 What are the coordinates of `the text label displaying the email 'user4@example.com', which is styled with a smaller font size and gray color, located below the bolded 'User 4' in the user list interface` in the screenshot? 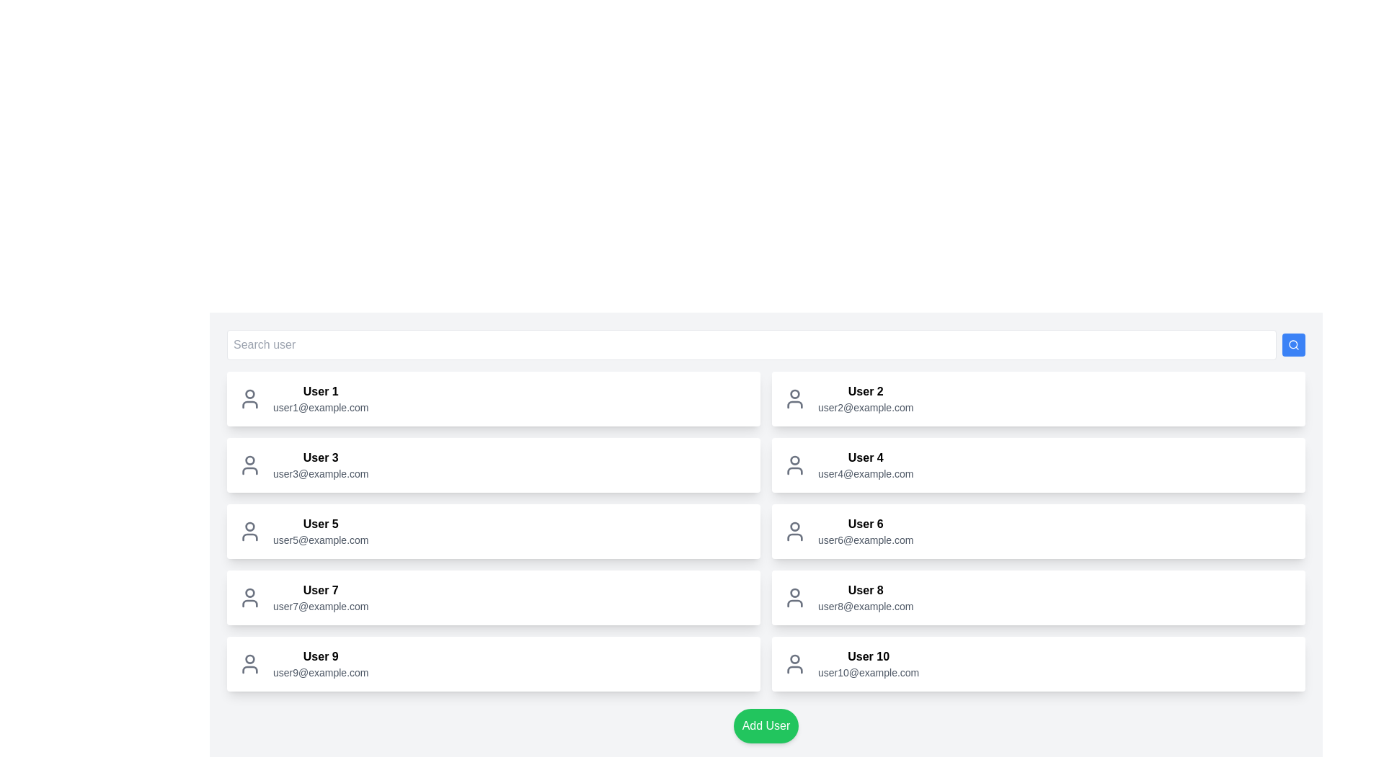 It's located at (865, 474).